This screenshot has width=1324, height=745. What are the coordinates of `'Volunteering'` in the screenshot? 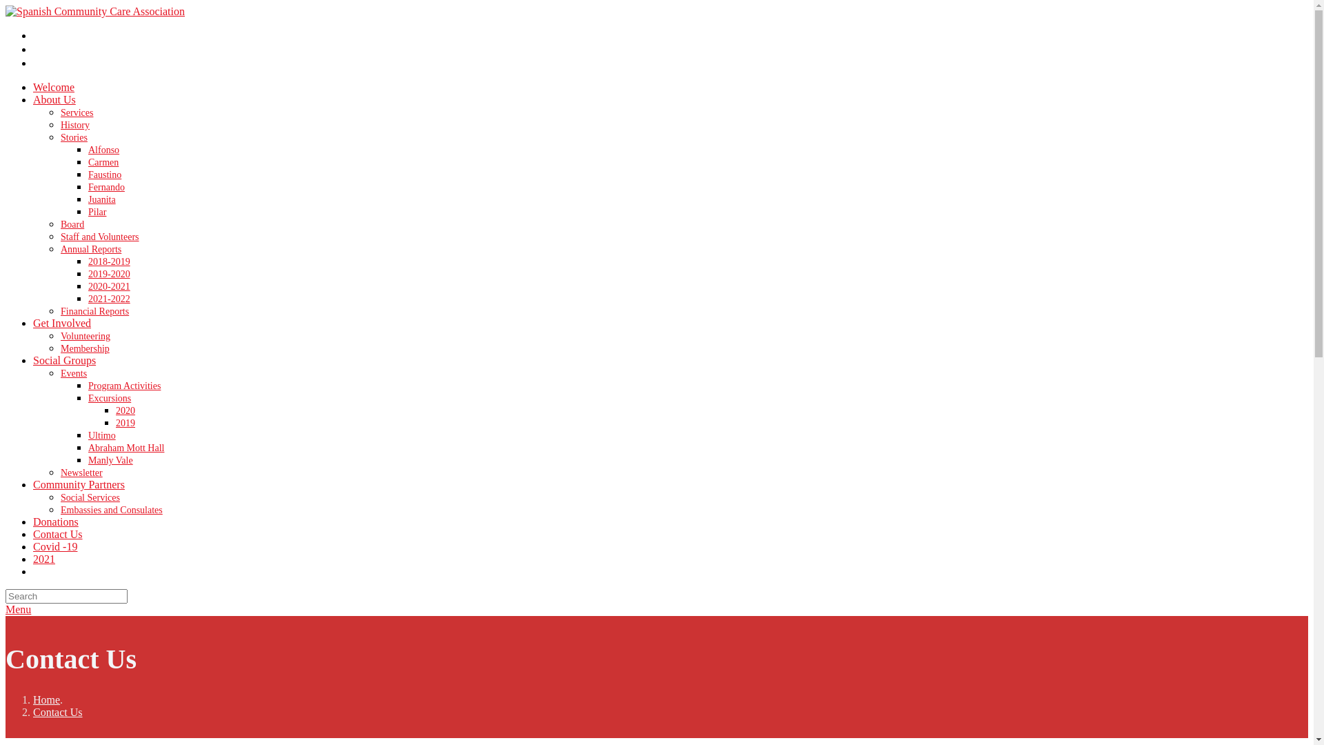 It's located at (59, 336).